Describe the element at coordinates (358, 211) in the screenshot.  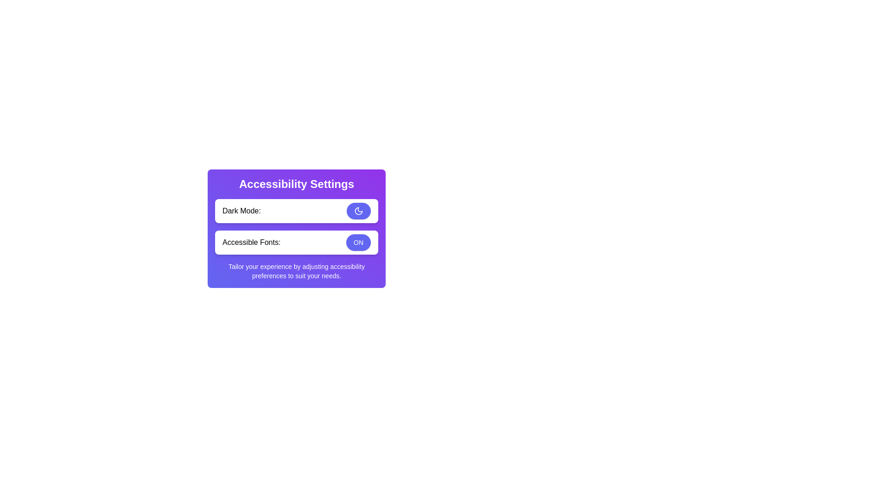
I see `the circular blue button with a white moon icon for the 'Dark Mode' feature` at that location.